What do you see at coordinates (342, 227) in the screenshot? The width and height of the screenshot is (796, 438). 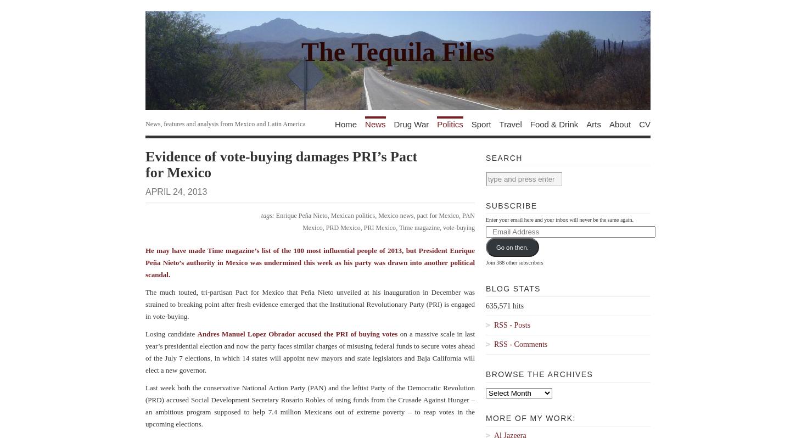 I see `'PRD Mexico'` at bounding box center [342, 227].